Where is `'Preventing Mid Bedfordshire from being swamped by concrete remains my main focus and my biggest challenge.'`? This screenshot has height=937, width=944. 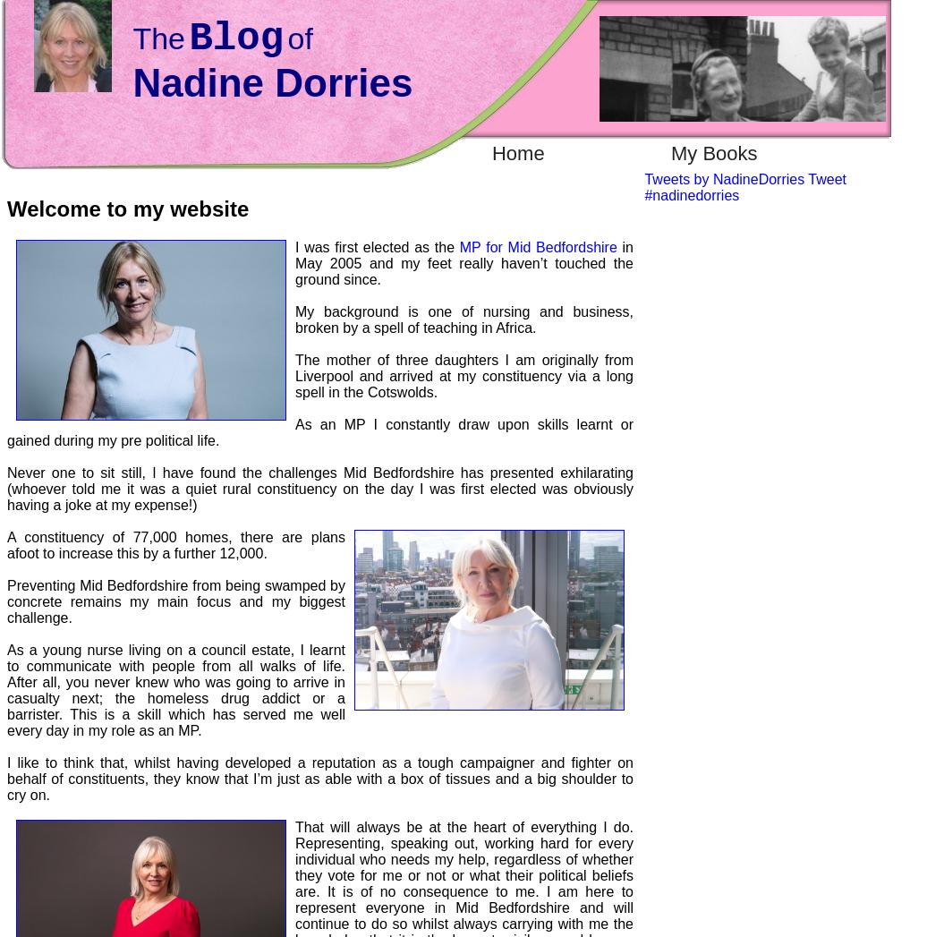
'Preventing Mid Bedfordshire from being swamped by concrete remains my main focus and my biggest challenge.' is located at coordinates (7, 600).